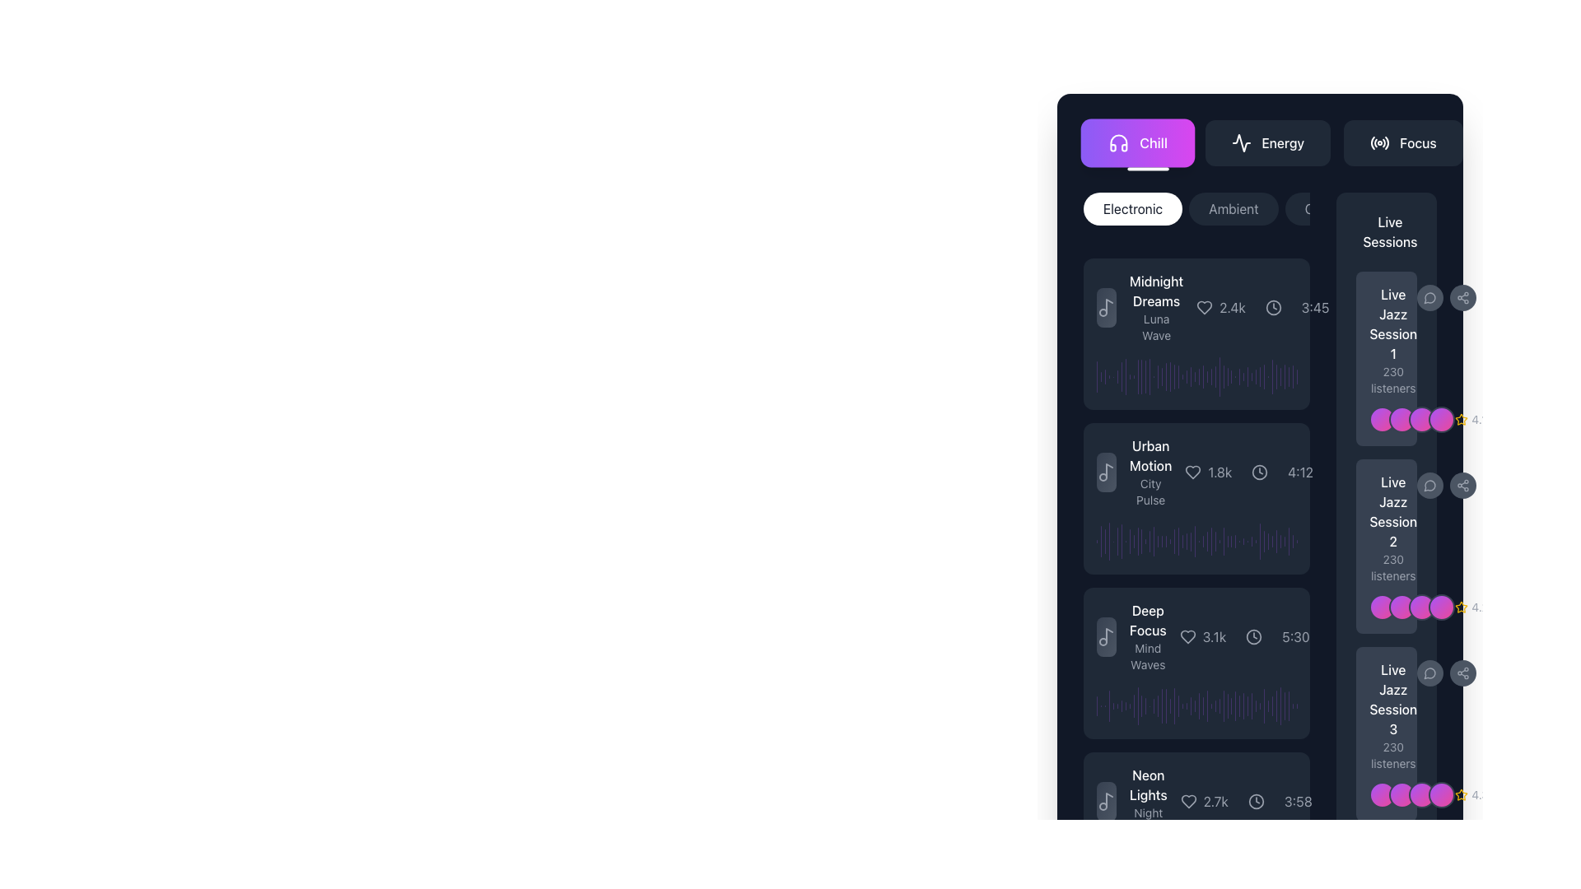 The height and width of the screenshot is (889, 1581). Describe the element at coordinates (1421, 607) in the screenshot. I see `the third circular visual element in a row of four, located next to the text 'Live Jazz Session 2'` at that location.